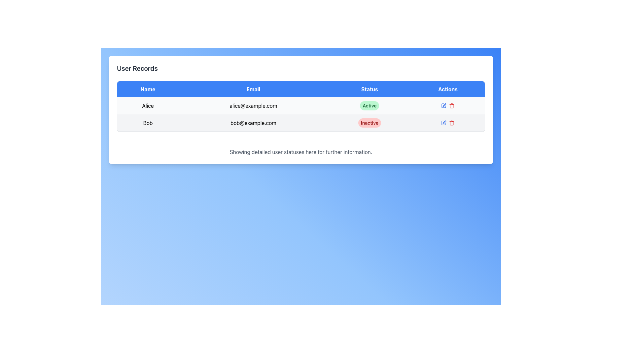  Describe the element at coordinates (147, 89) in the screenshot. I see `the first column header labeled for user names in the table` at that location.